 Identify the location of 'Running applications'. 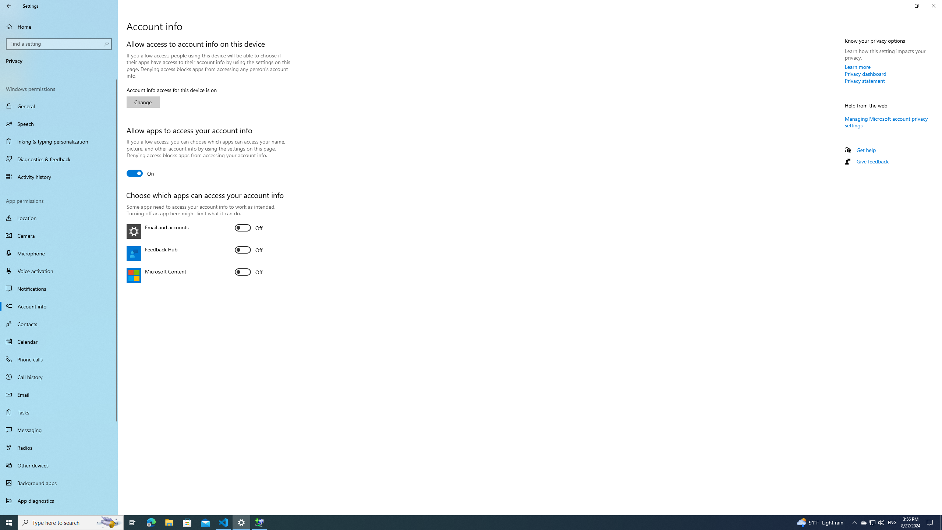
(457, 522).